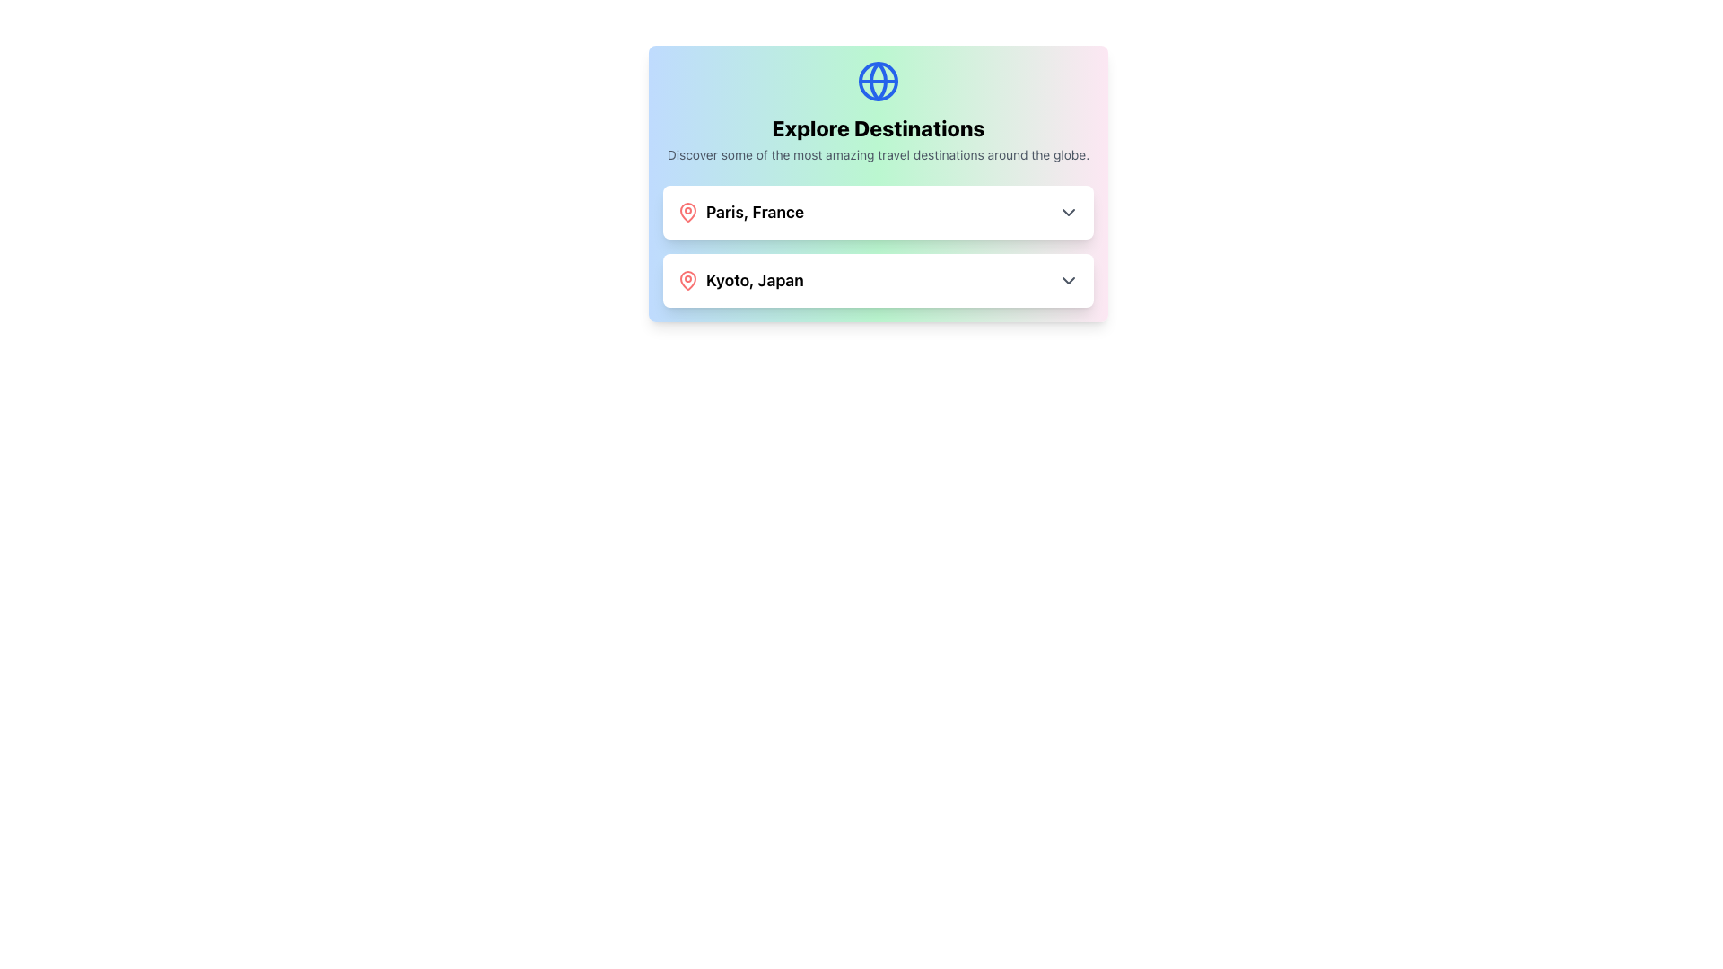  I want to click on the geographical location marker icon that visually represents 'Kyoto, Japan', located to the left of the text, so click(687, 280).